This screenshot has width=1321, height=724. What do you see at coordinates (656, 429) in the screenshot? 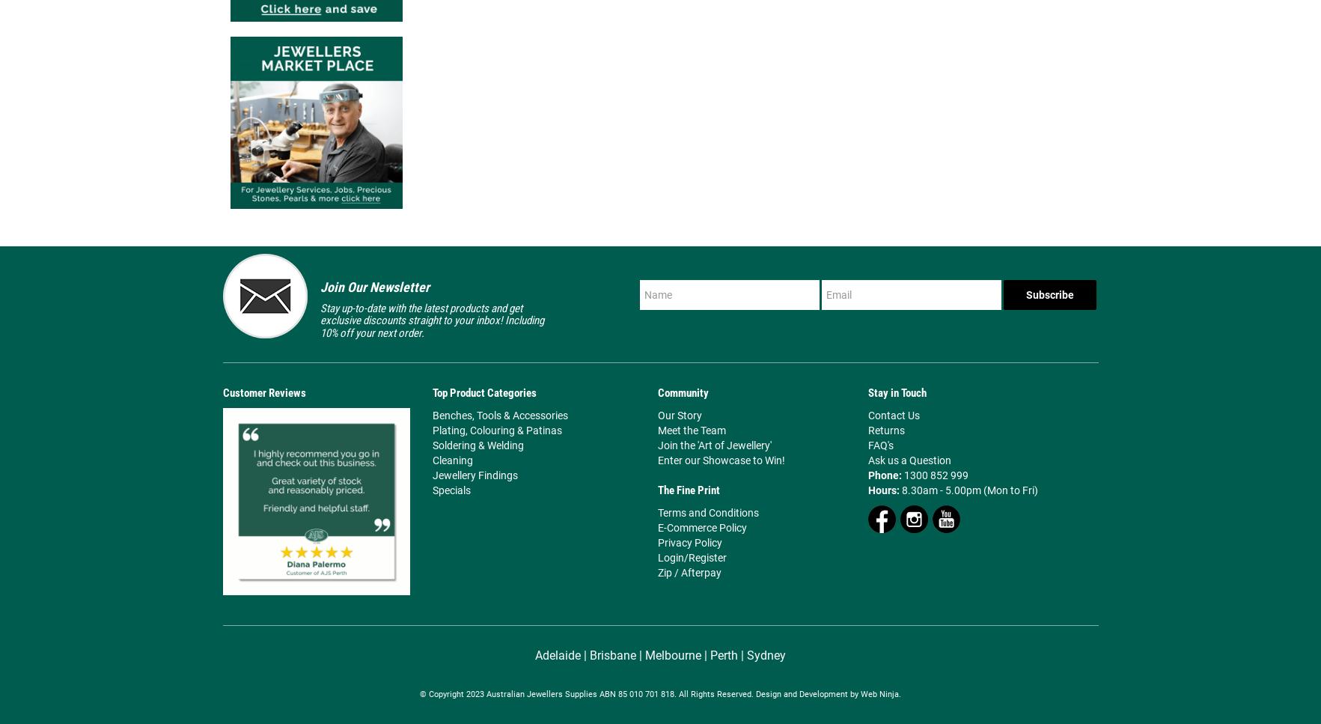
I see `'Meet the Team'` at bounding box center [656, 429].